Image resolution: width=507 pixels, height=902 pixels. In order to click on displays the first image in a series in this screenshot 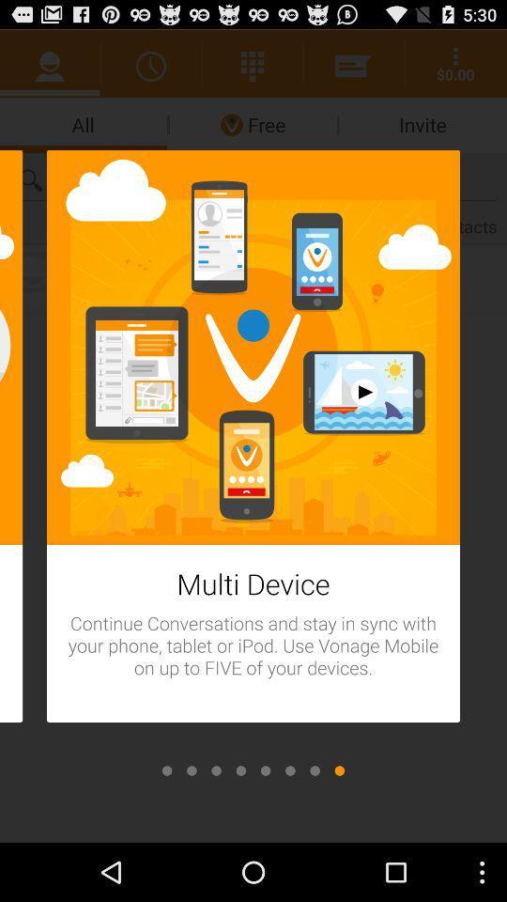, I will do `click(167, 770)`.